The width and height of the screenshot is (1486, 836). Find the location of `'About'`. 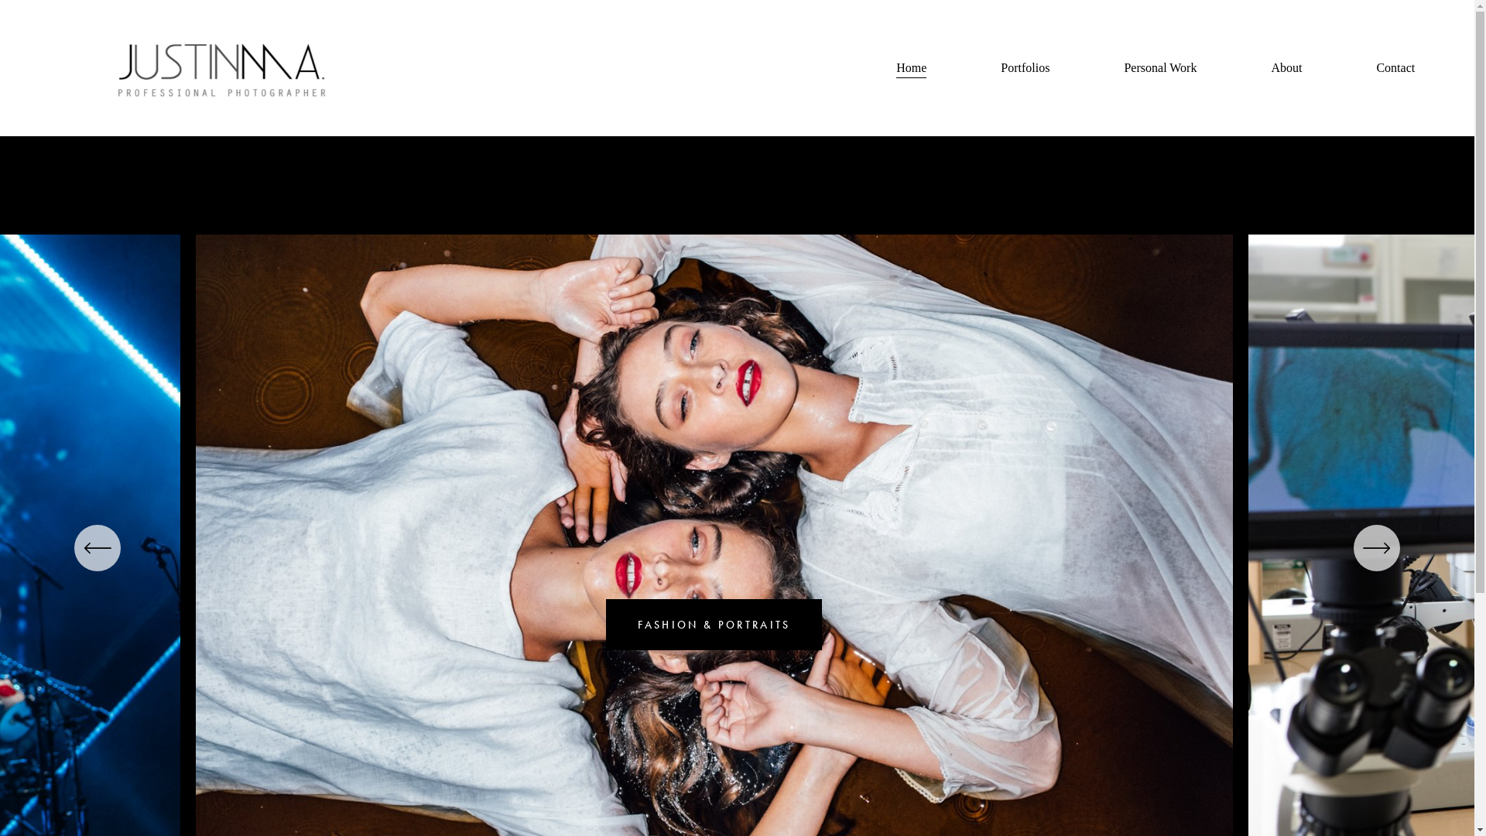

'About' is located at coordinates (1286, 67).